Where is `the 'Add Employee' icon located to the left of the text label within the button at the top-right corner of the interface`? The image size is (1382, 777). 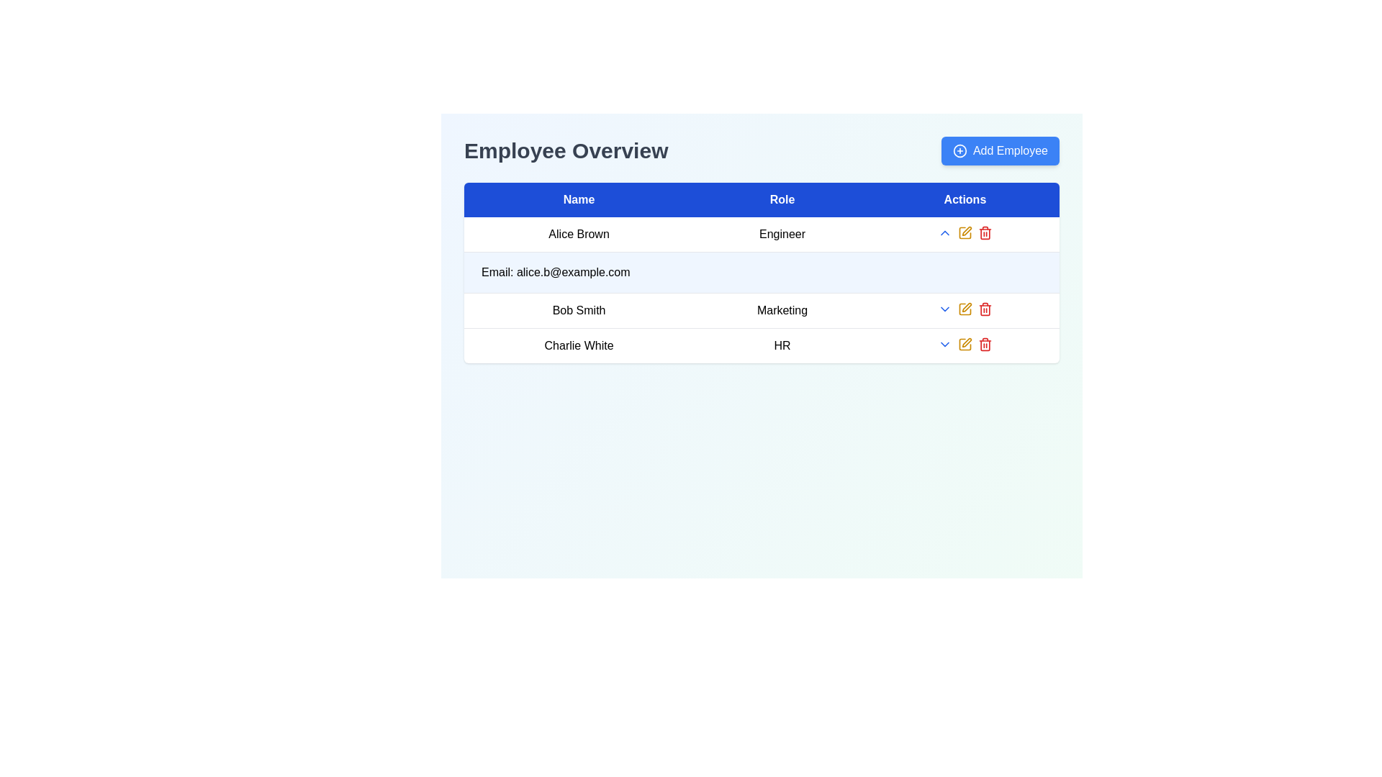 the 'Add Employee' icon located to the left of the text label within the button at the top-right corner of the interface is located at coordinates (960, 150).